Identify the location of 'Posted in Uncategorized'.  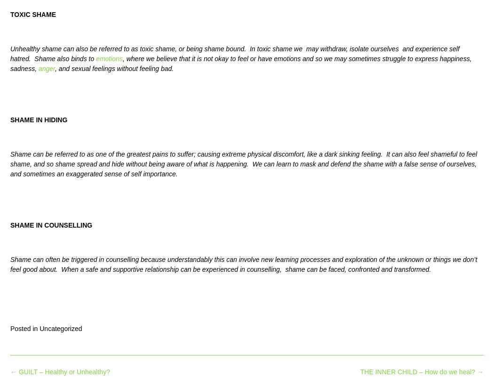
(46, 327).